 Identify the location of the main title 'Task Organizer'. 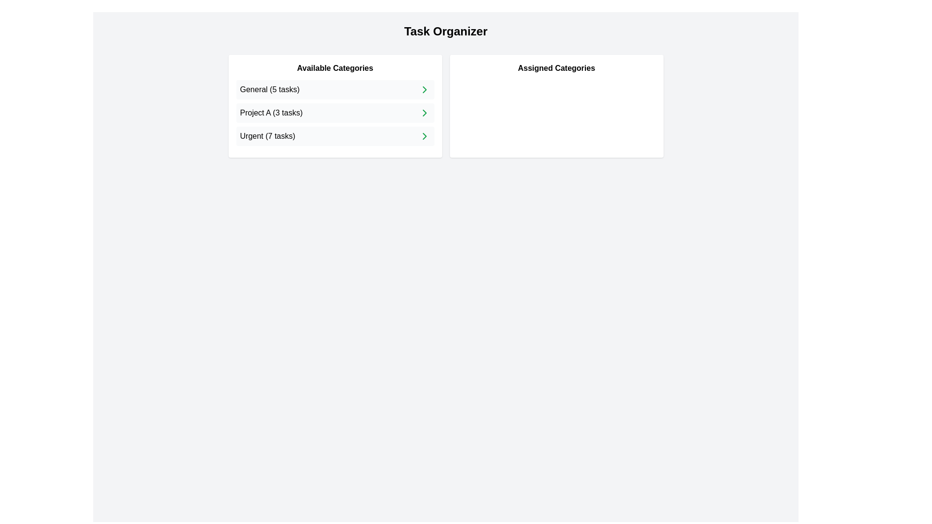
(445, 31).